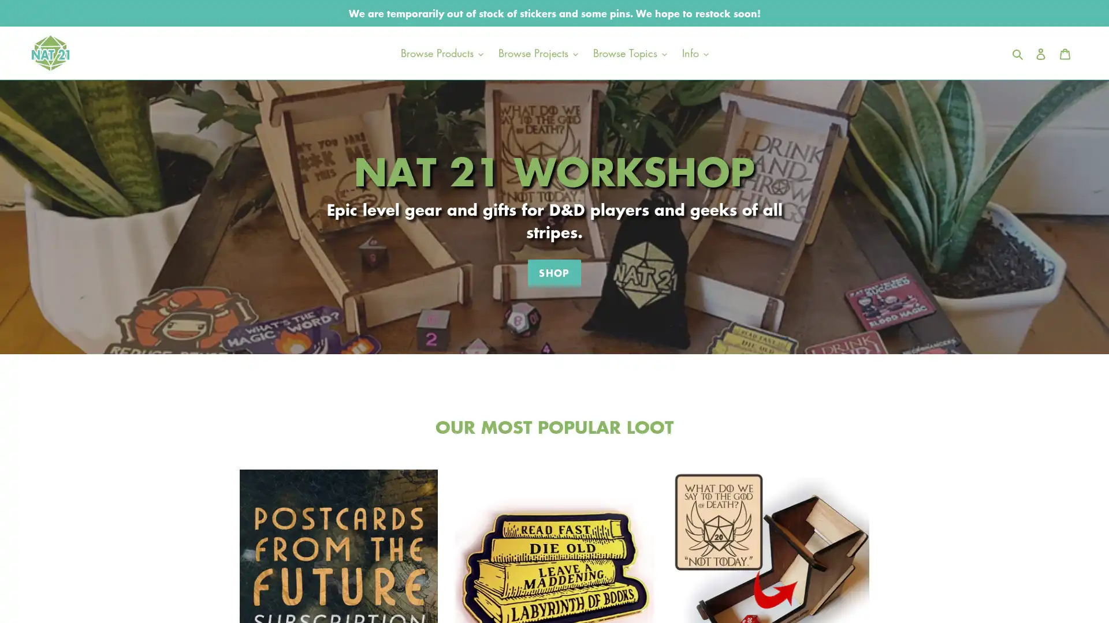 This screenshot has width=1109, height=623. I want to click on Search, so click(1018, 52).